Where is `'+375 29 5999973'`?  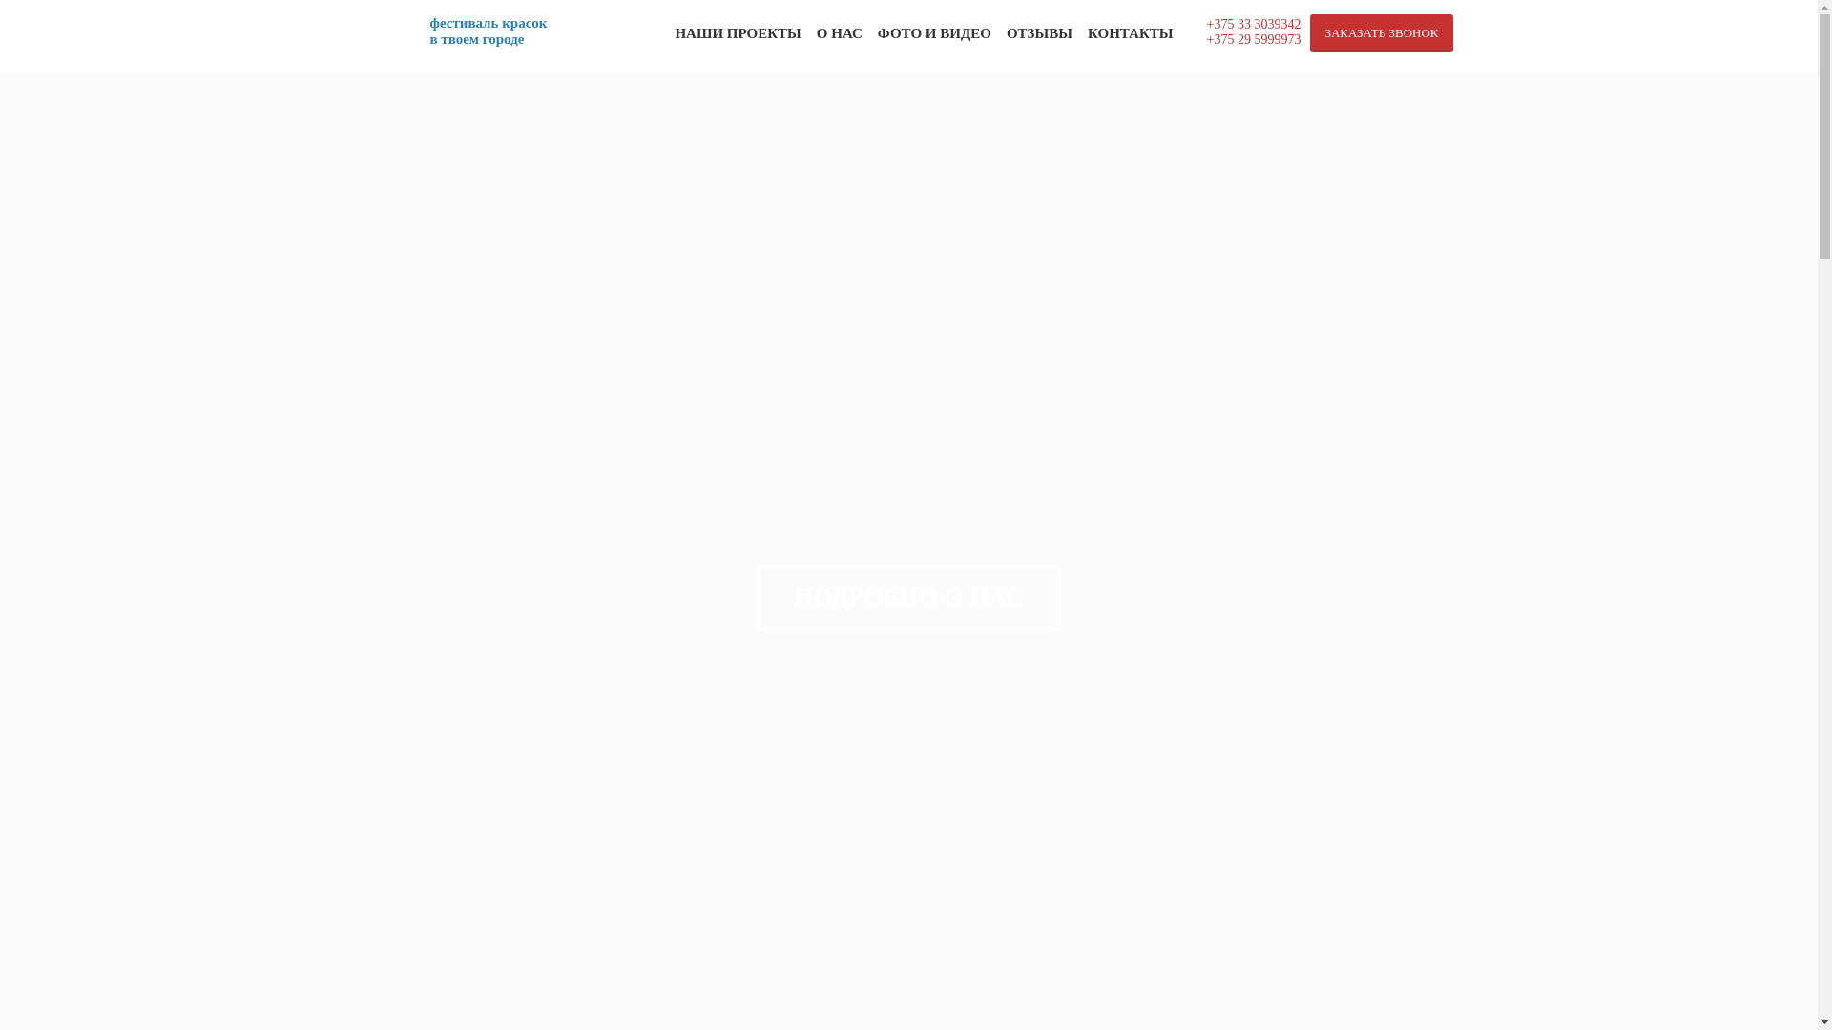 '+375 29 5999973' is located at coordinates (1254, 39).